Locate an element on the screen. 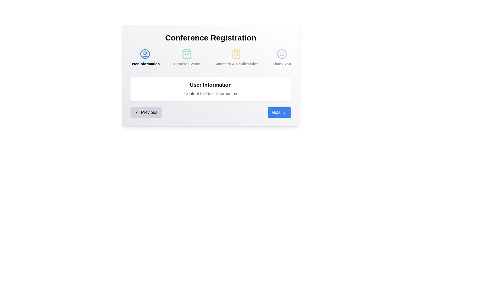  the 'Thank You' navigation step on the far right of the horizontal navigation bar is located at coordinates (281, 57).